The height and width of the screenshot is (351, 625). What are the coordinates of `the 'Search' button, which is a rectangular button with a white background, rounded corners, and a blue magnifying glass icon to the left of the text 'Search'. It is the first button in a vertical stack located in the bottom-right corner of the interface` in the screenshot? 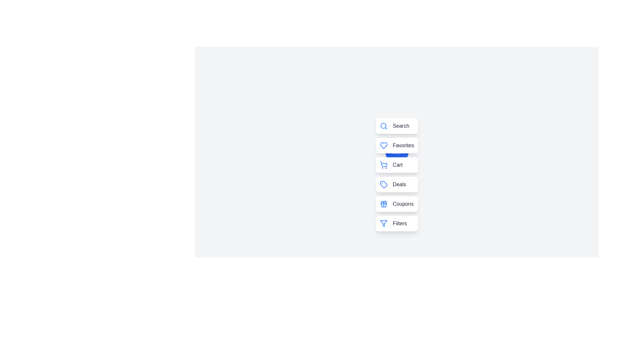 It's located at (396, 126).